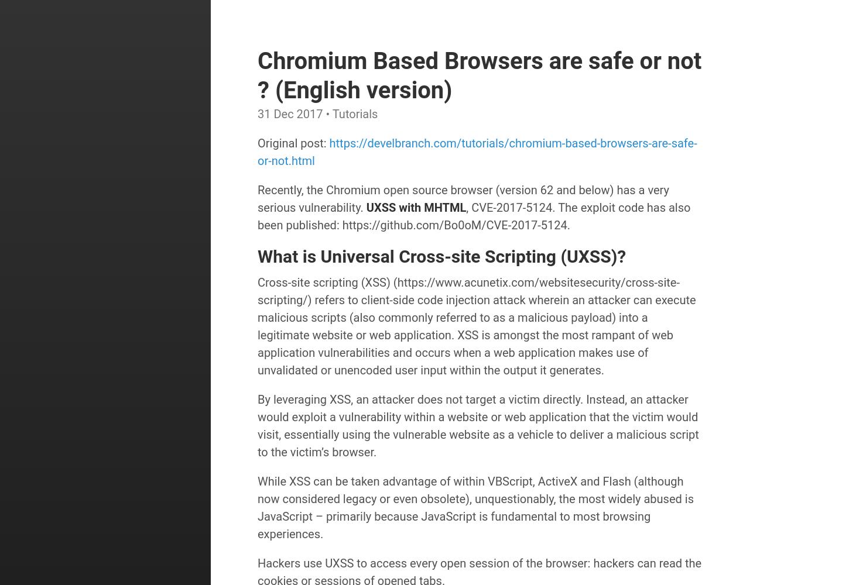 The image size is (849, 585). I want to click on 'Original post:', so click(293, 143).